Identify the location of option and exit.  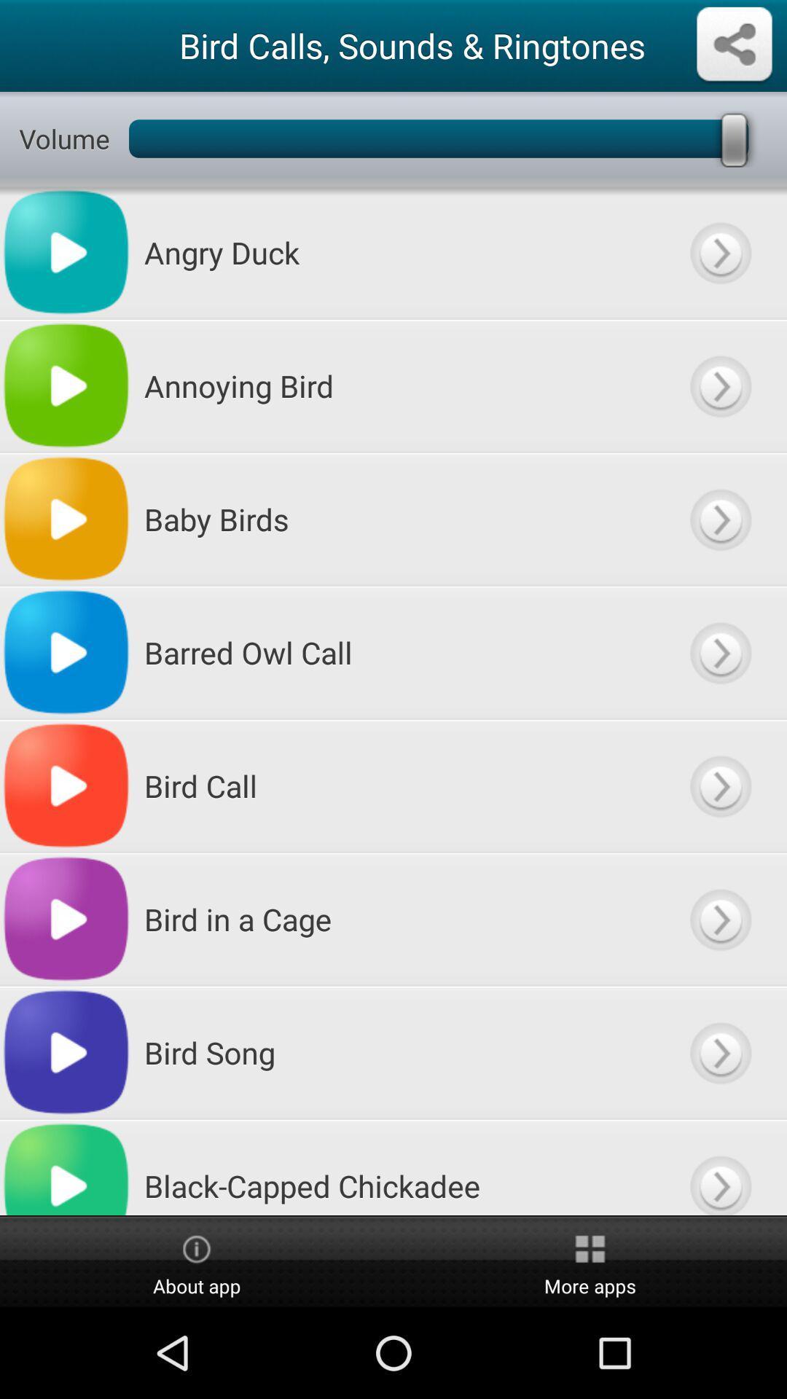
(719, 252).